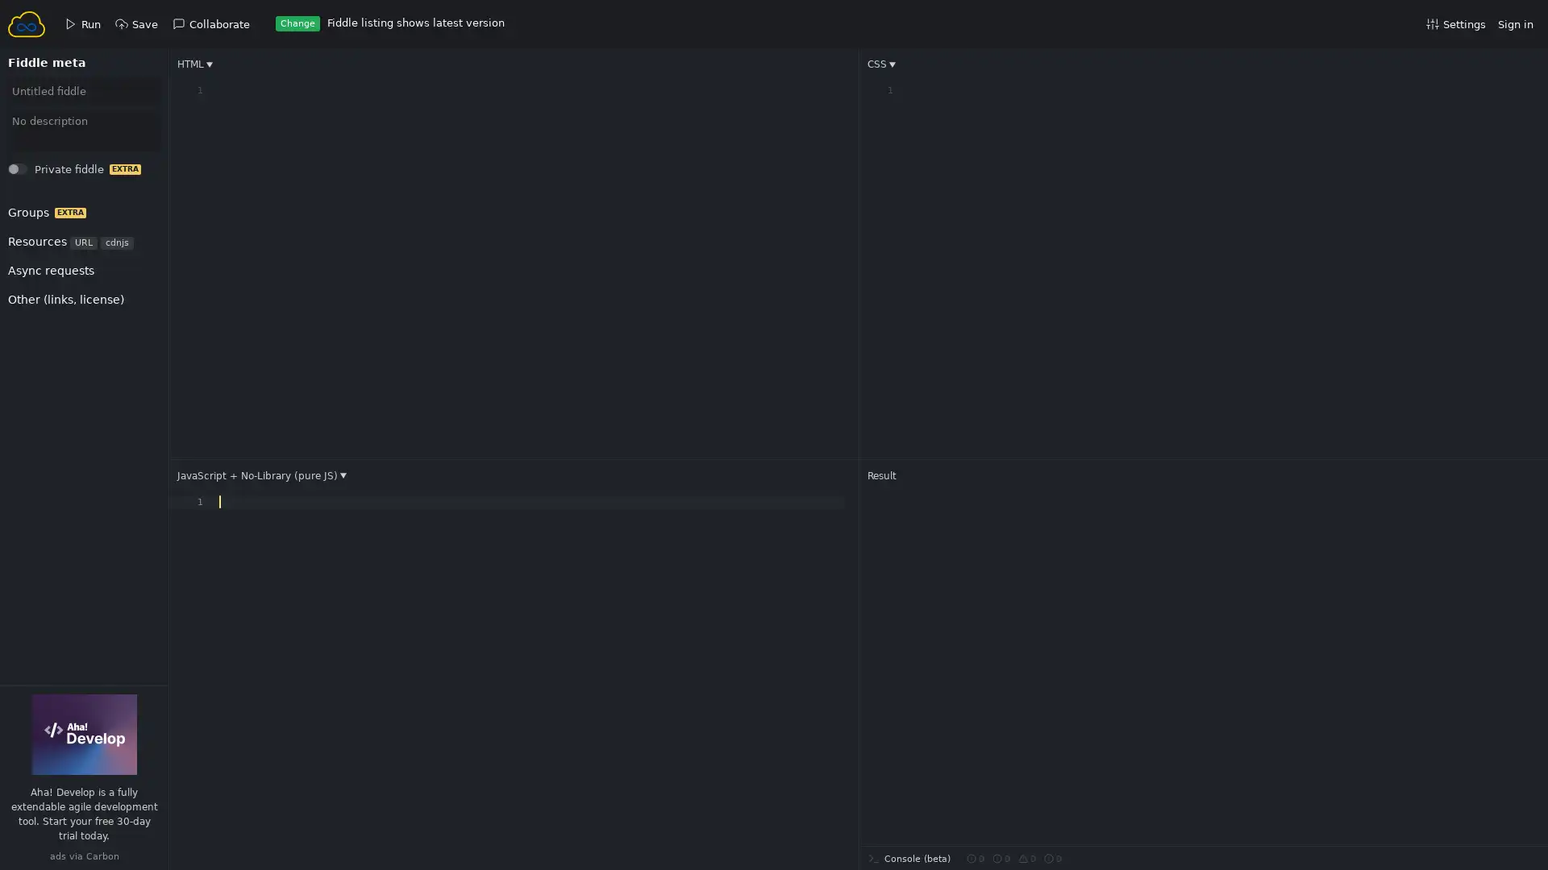  I want to click on Fork, so click(33, 173).